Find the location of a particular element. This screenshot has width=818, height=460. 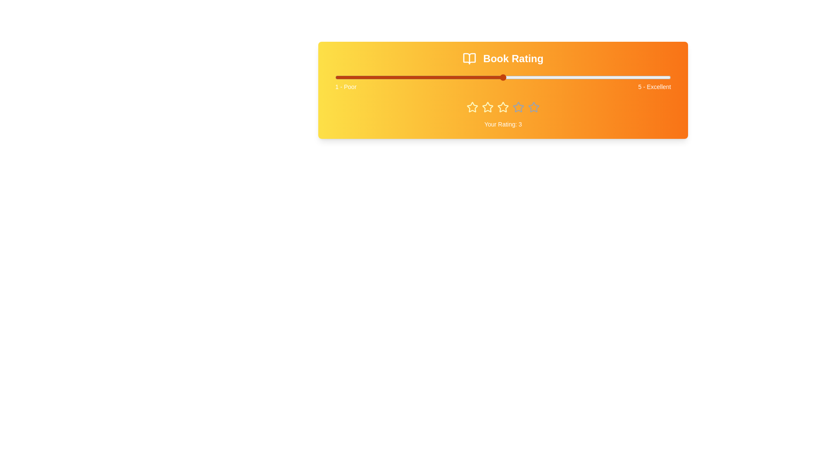

the static text label indicating the highest rating value of '5' on the rating scale, located at the far-right end of the horizontal bar is located at coordinates (654, 87).